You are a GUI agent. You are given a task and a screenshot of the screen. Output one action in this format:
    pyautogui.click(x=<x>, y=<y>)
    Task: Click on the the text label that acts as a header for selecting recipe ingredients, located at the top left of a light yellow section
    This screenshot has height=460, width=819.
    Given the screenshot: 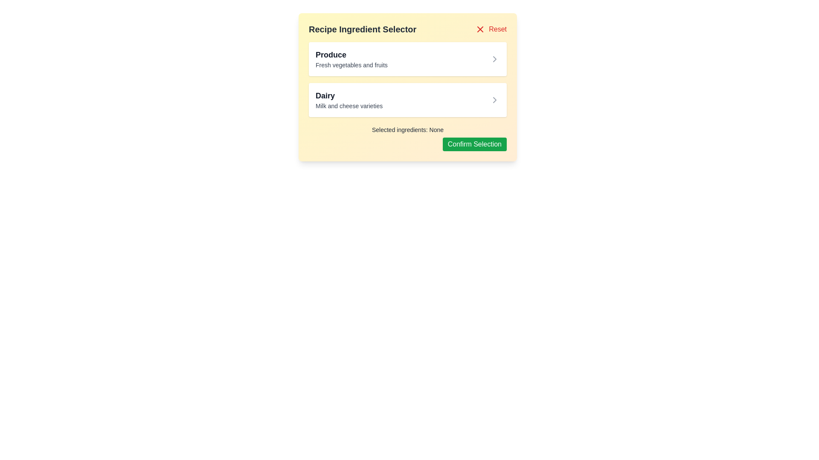 What is the action you would take?
    pyautogui.click(x=363, y=29)
    